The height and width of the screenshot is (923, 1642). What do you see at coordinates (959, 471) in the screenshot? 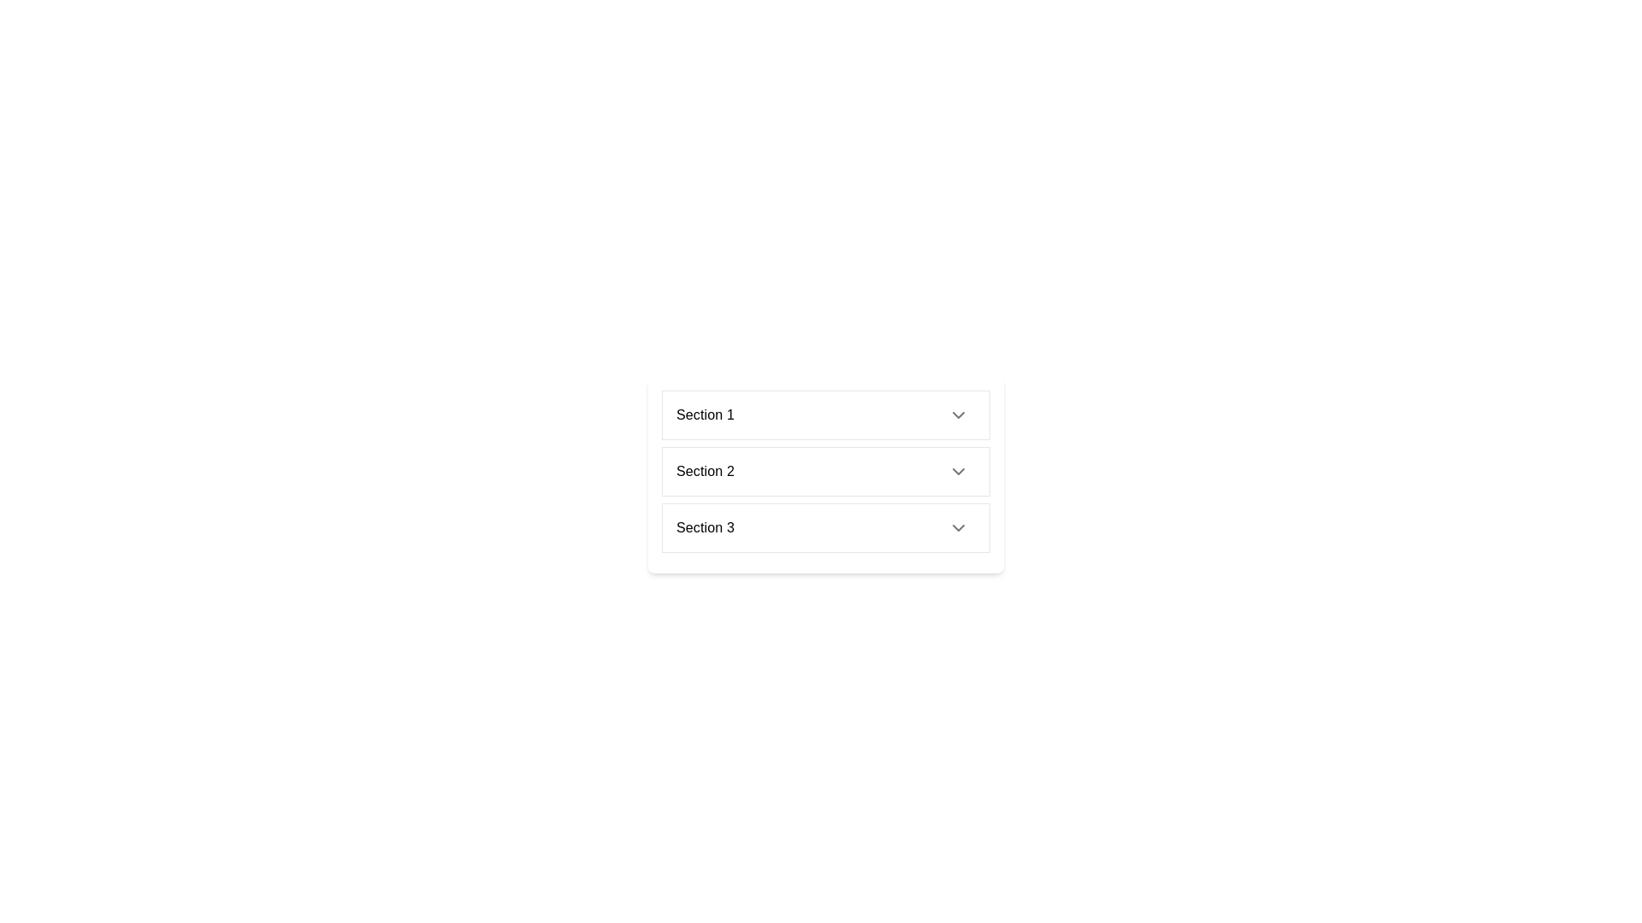
I see `the icon located to the right of the text label 'Section 2'` at bounding box center [959, 471].